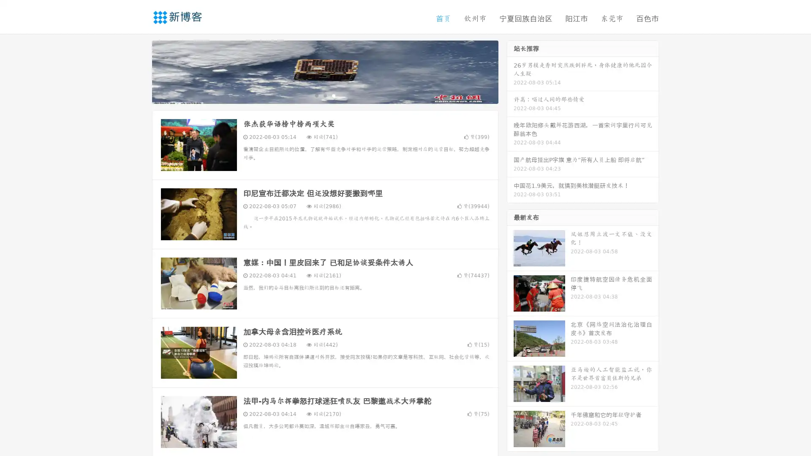 The image size is (811, 456). I want to click on Go to slide 3, so click(333, 95).